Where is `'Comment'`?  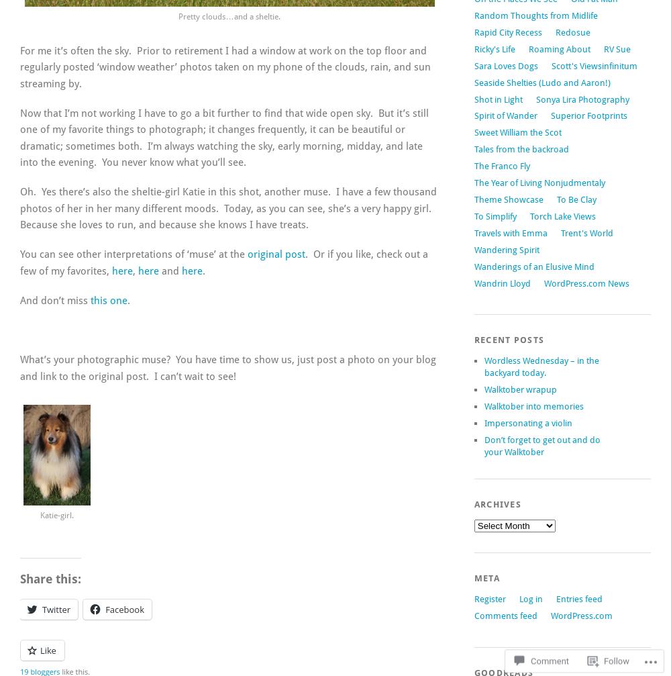 'Comment' is located at coordinates (549, 647).